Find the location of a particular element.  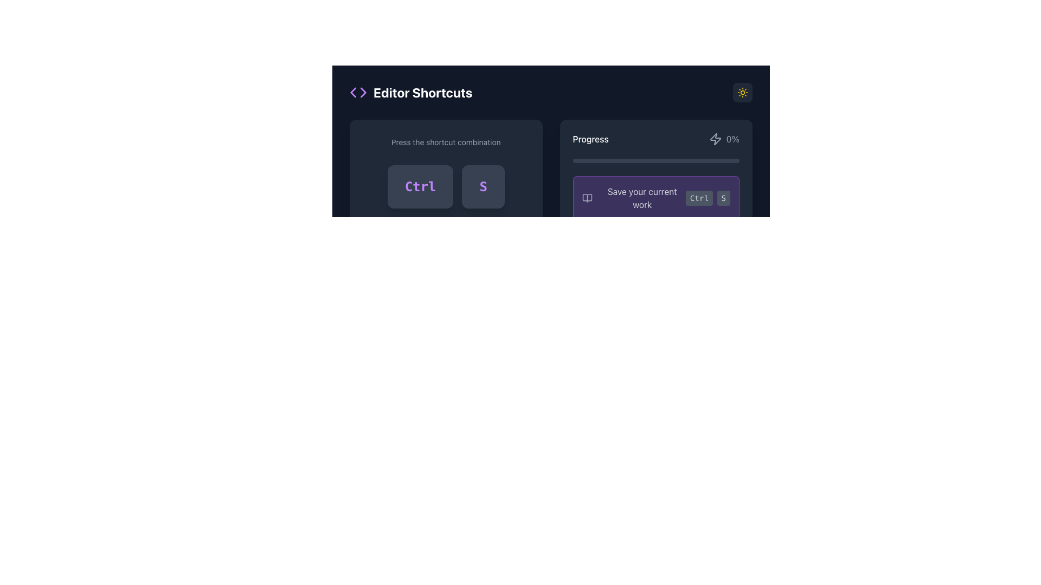

the 'S' key representation in the keyboard shortcuts section of the application, which is located to the right of the 'Ctrl' key and is part of the 'Editor Shortcuts' layout is located at coordinates (723, 198).